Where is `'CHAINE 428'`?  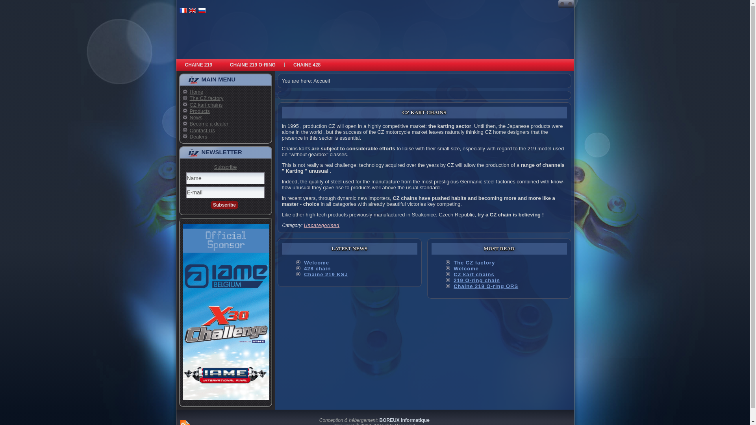 'CHAINE 428' is located at coordinates (306, 65).